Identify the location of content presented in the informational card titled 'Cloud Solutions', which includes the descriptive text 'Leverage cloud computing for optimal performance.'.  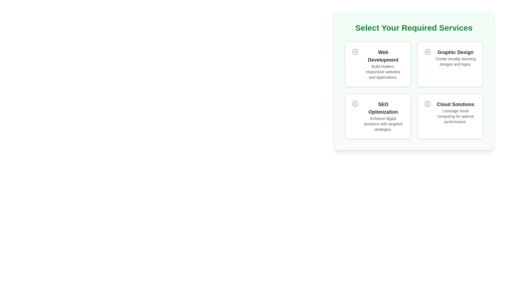
(455, 112).